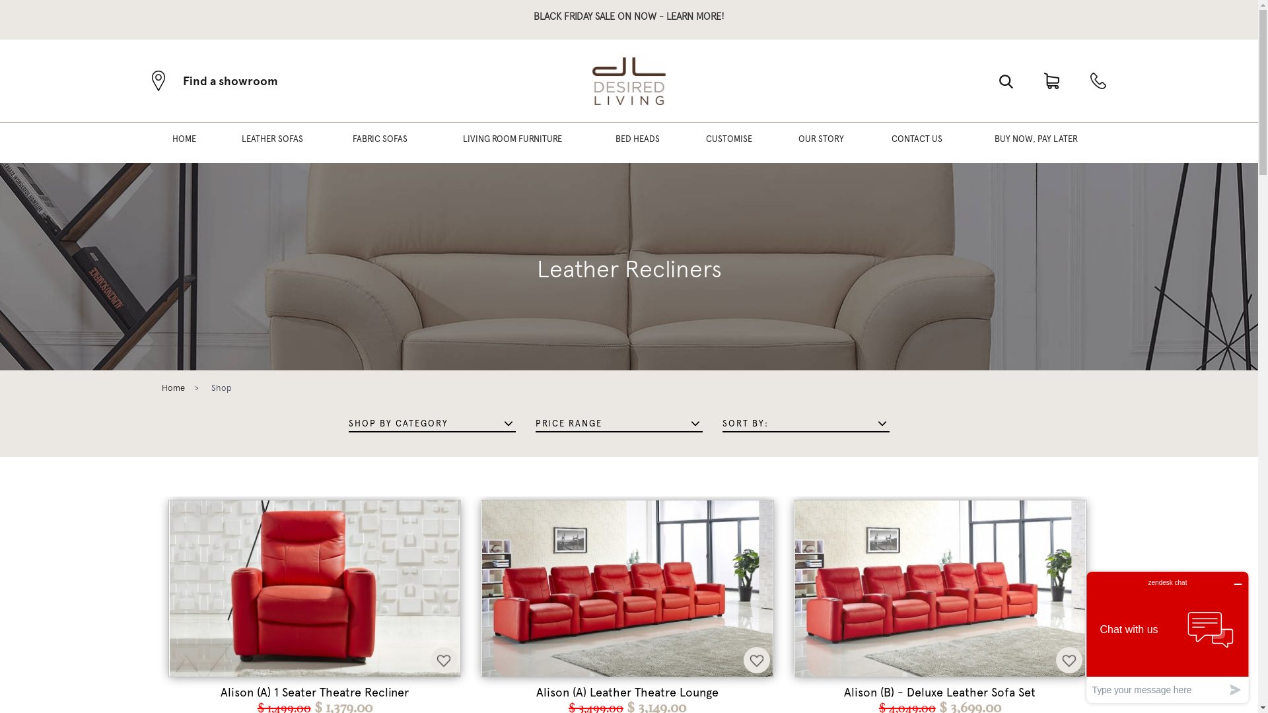  Describe the element at coordinates (785, 143) in the screenshot. I see `'OUR STORY'` at that location.